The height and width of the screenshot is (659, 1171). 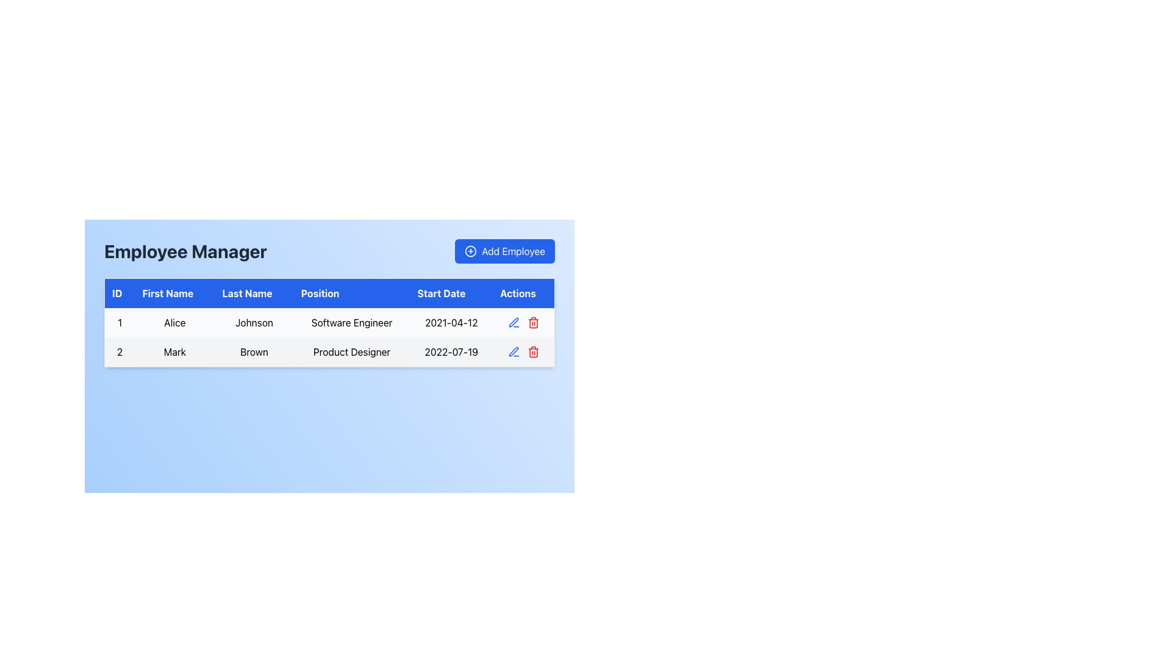 I want to click on the circular icon with a plus sign, which is styled with a blue border and background, located inside the 'Add Employee' button and aligned vertically with the text 'Add Employee', so click(x=470, y=251).